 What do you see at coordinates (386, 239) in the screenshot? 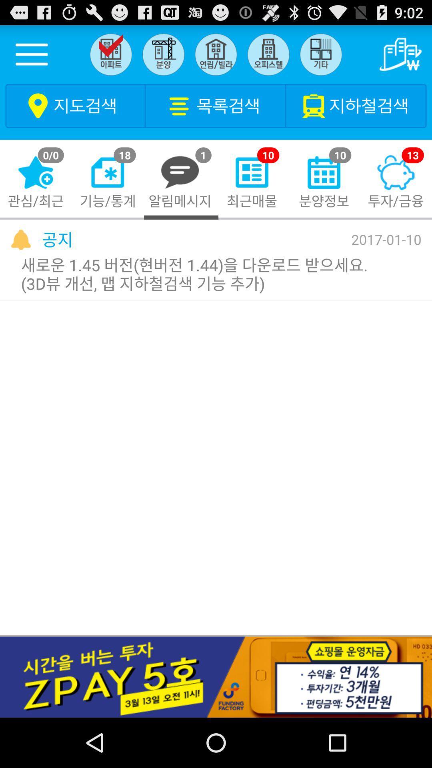
I see `the 2017-01-10 icon` at bounding box center [386, 239].